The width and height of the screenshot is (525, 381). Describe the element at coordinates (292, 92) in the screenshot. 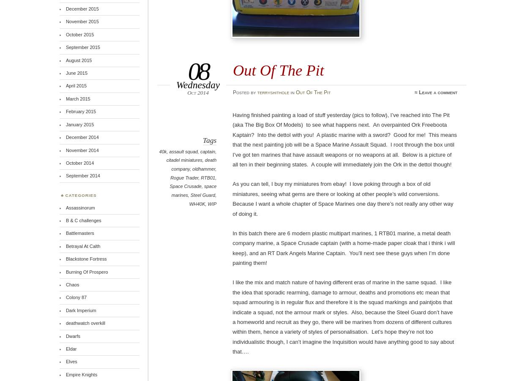

I see `'in'` at that location.